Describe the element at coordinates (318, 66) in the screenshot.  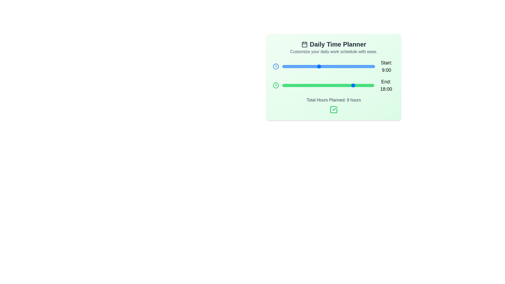
I see `the 'Start' slider to set the start time to 9` at that location.